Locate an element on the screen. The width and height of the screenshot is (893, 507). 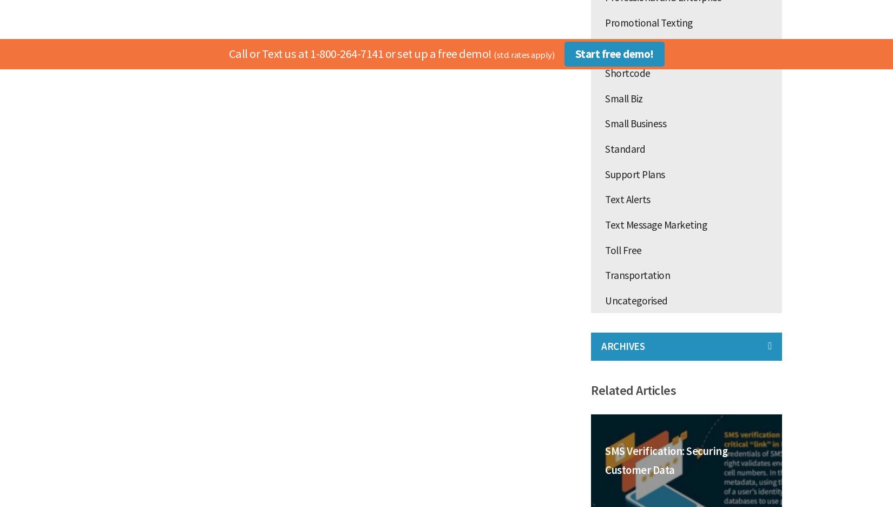
'Promotional Texting' is located at coordinates (648, 22).